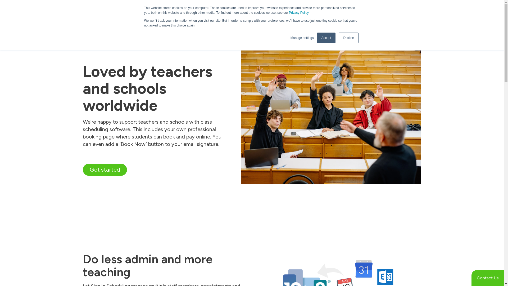 The height and width of the screenshot is (286, 508). What do you see at coordinates (298, 12) in the screenshot?
I see `'Privacy Policy'` at bounding box center [298, 12].